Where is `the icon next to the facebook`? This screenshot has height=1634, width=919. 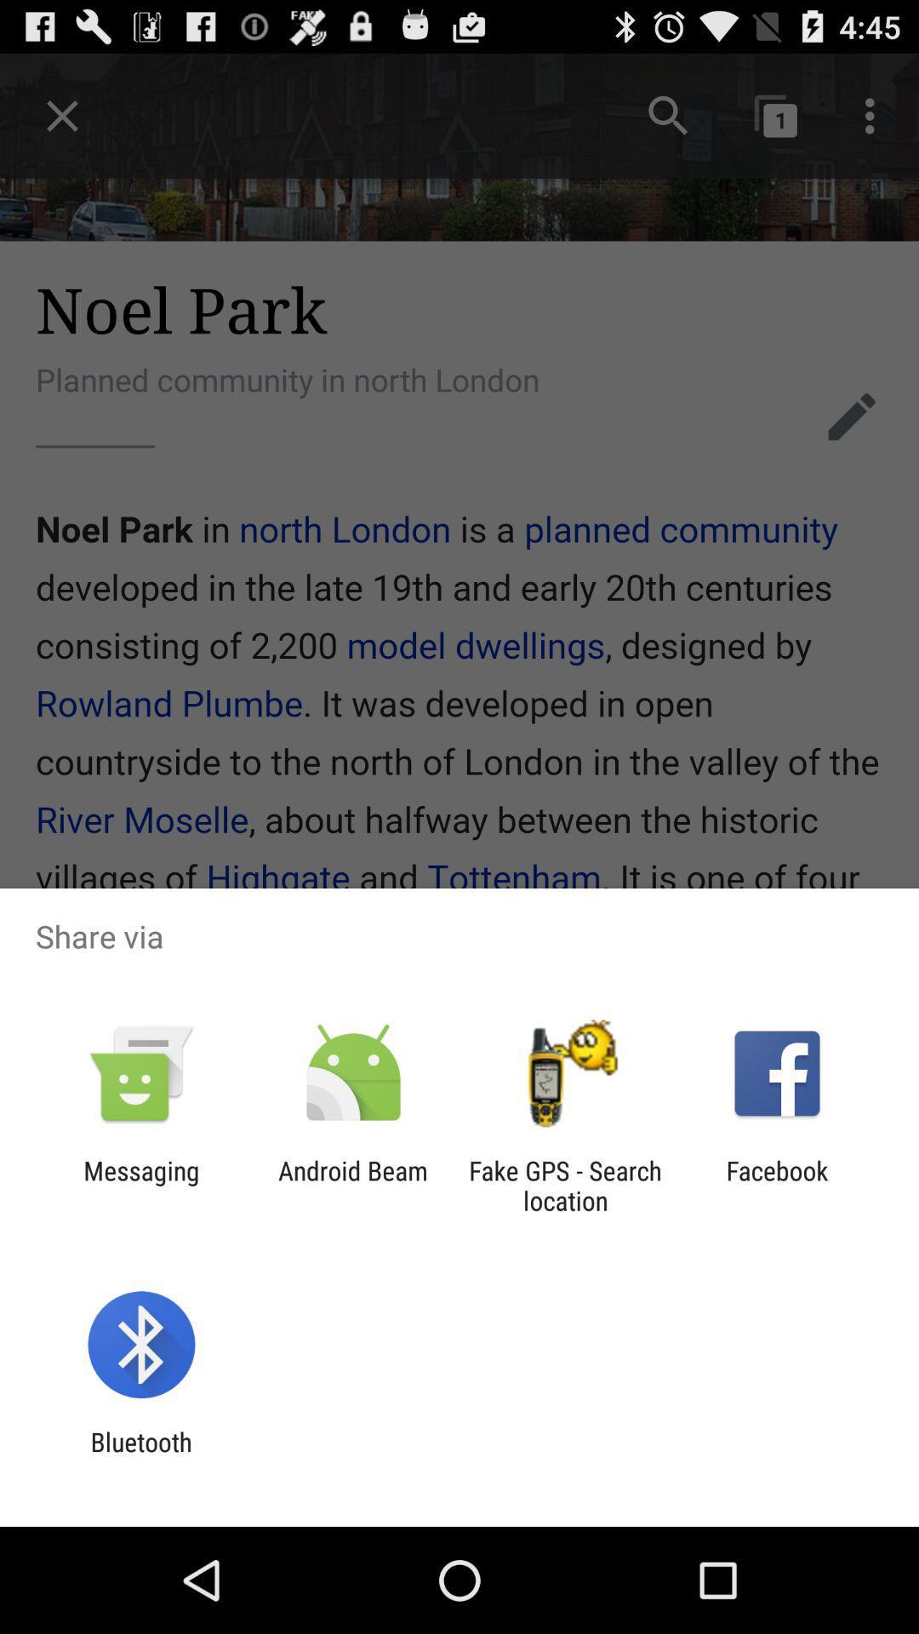 the icon next to the facebook is located at coordinates (565, 1185).